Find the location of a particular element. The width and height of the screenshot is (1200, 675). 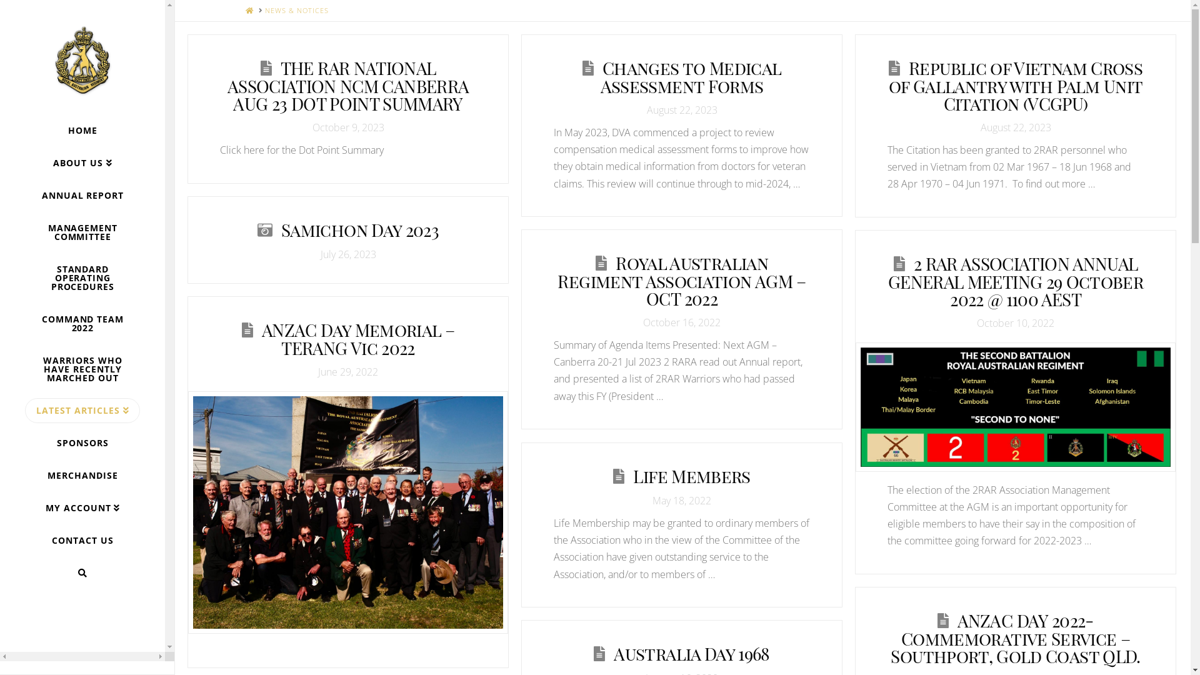

'WARRIORS WHO HAVE RECENTLY MARCHED OUT' is located at coordinates (82, 368).